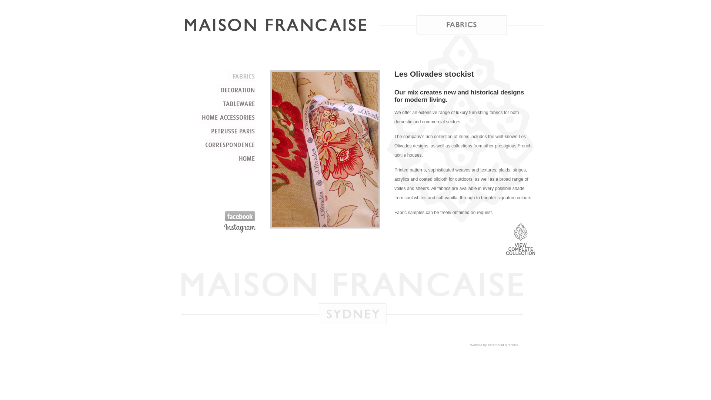 The height and width of the screenshot is (400, 711). Describe the element at coordinates (487, 345) in the screenshot. I see `'Paramount Graphics'` at that location.